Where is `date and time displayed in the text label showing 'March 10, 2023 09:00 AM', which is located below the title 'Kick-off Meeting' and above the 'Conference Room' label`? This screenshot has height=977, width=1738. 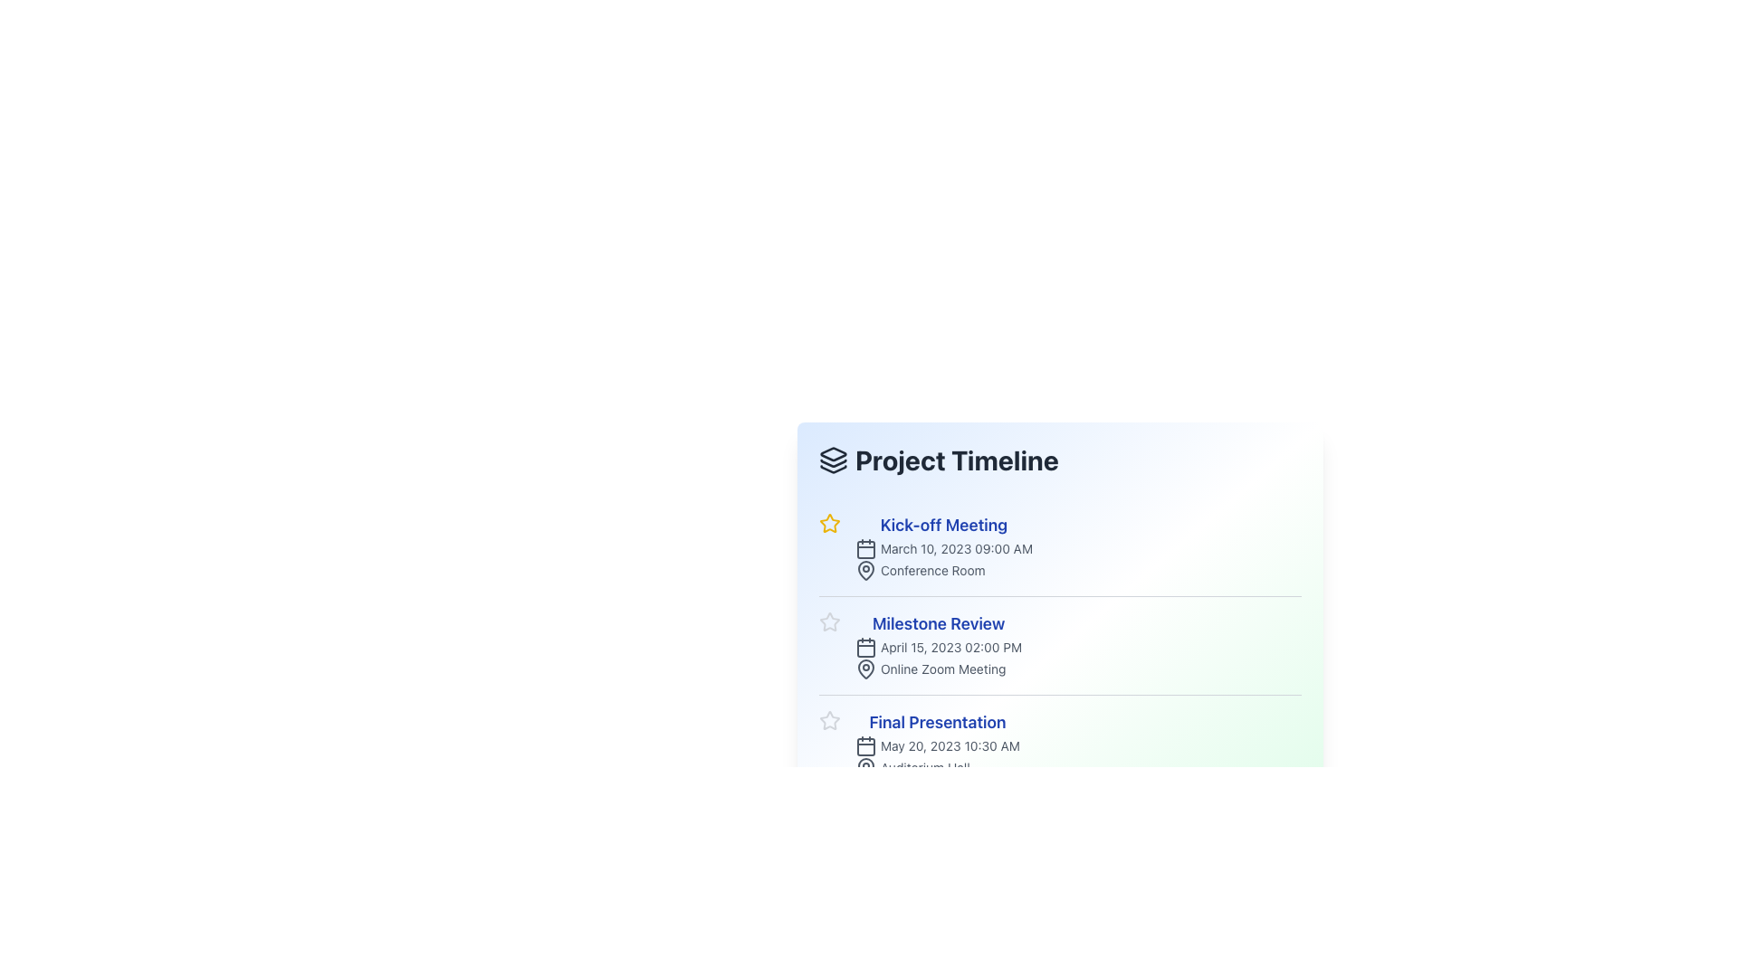
date and time displayed in the text label showing 'March 10, 2023 09:00 AM', which is located below the title 'Kick-off Meeting' and above the 'Conference Room' label is located at coordinates (942, 547).